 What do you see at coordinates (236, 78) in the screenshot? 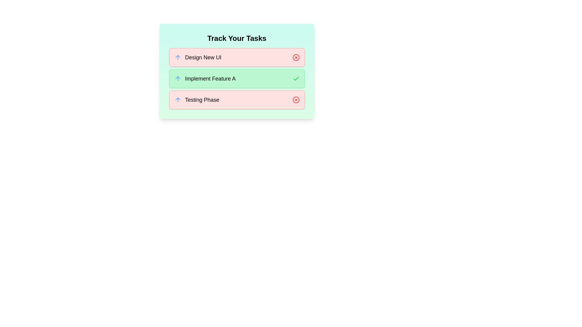
I see `the task card corresponding to Implement Feature A to toggle its completion status` at bounding box center [236, 78].